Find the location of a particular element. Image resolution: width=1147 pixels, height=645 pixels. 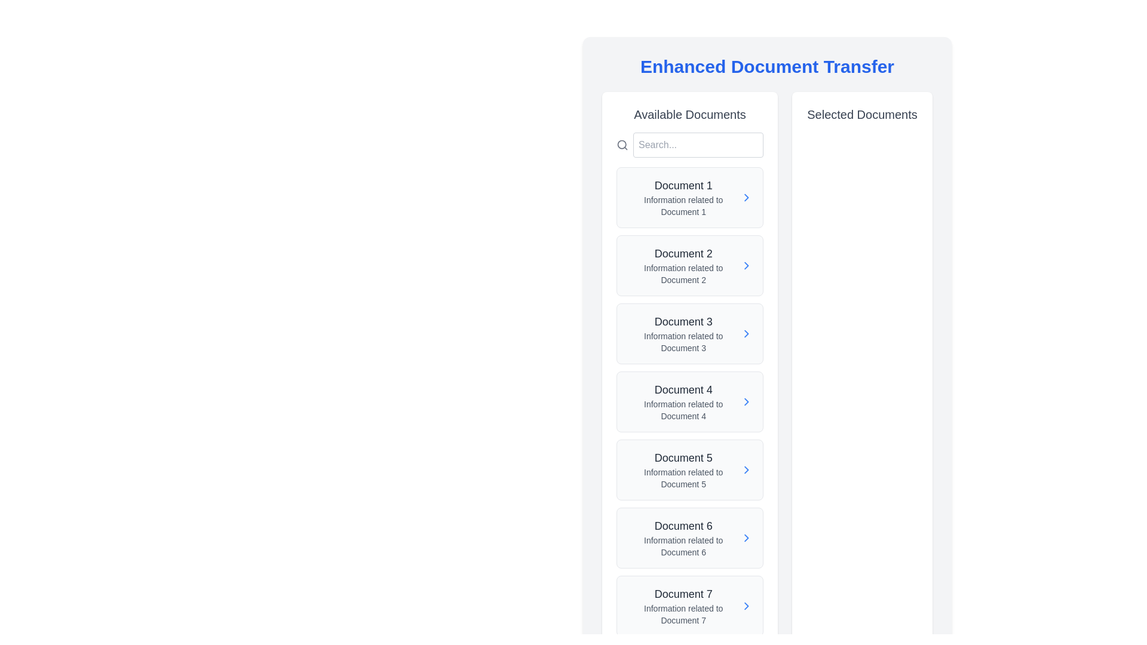

the static text label displaying 'Information related to Document 1', which is located below the heading 'Document 1' in the 'Available Documents' list is located at coordinates (683, 205).